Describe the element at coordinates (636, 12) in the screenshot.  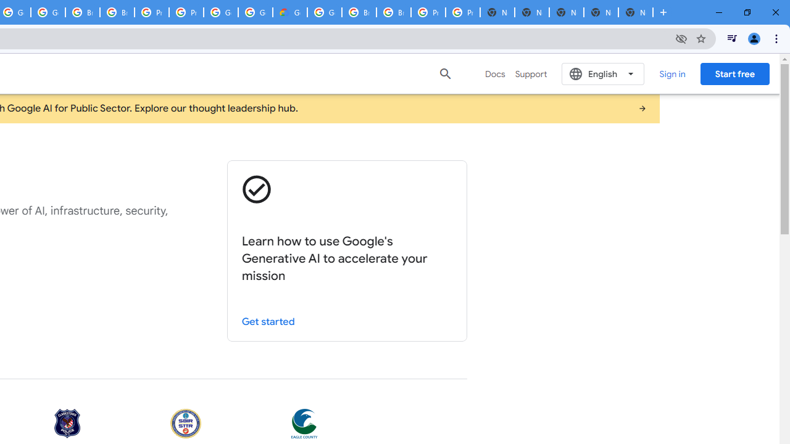
I see `'New Tab'` at that location.